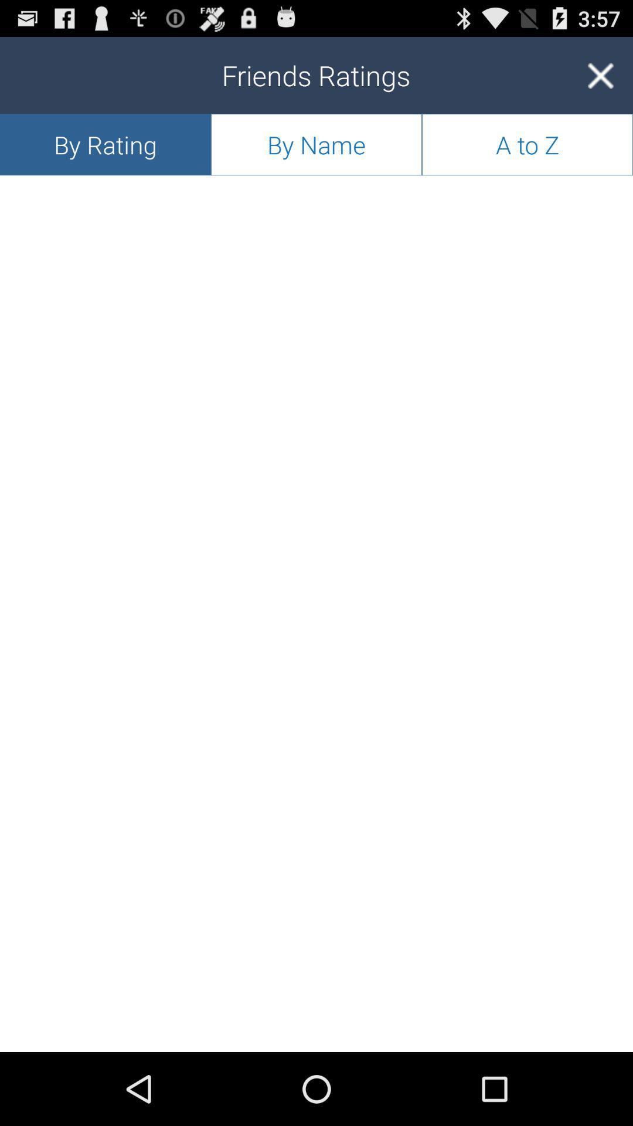 This screenshot has width=633, height=1126. What do you see at coordinates (105, 144) in the screenshot?
I see `the app to the left of the by name icon` at bounding box center [105, 144].